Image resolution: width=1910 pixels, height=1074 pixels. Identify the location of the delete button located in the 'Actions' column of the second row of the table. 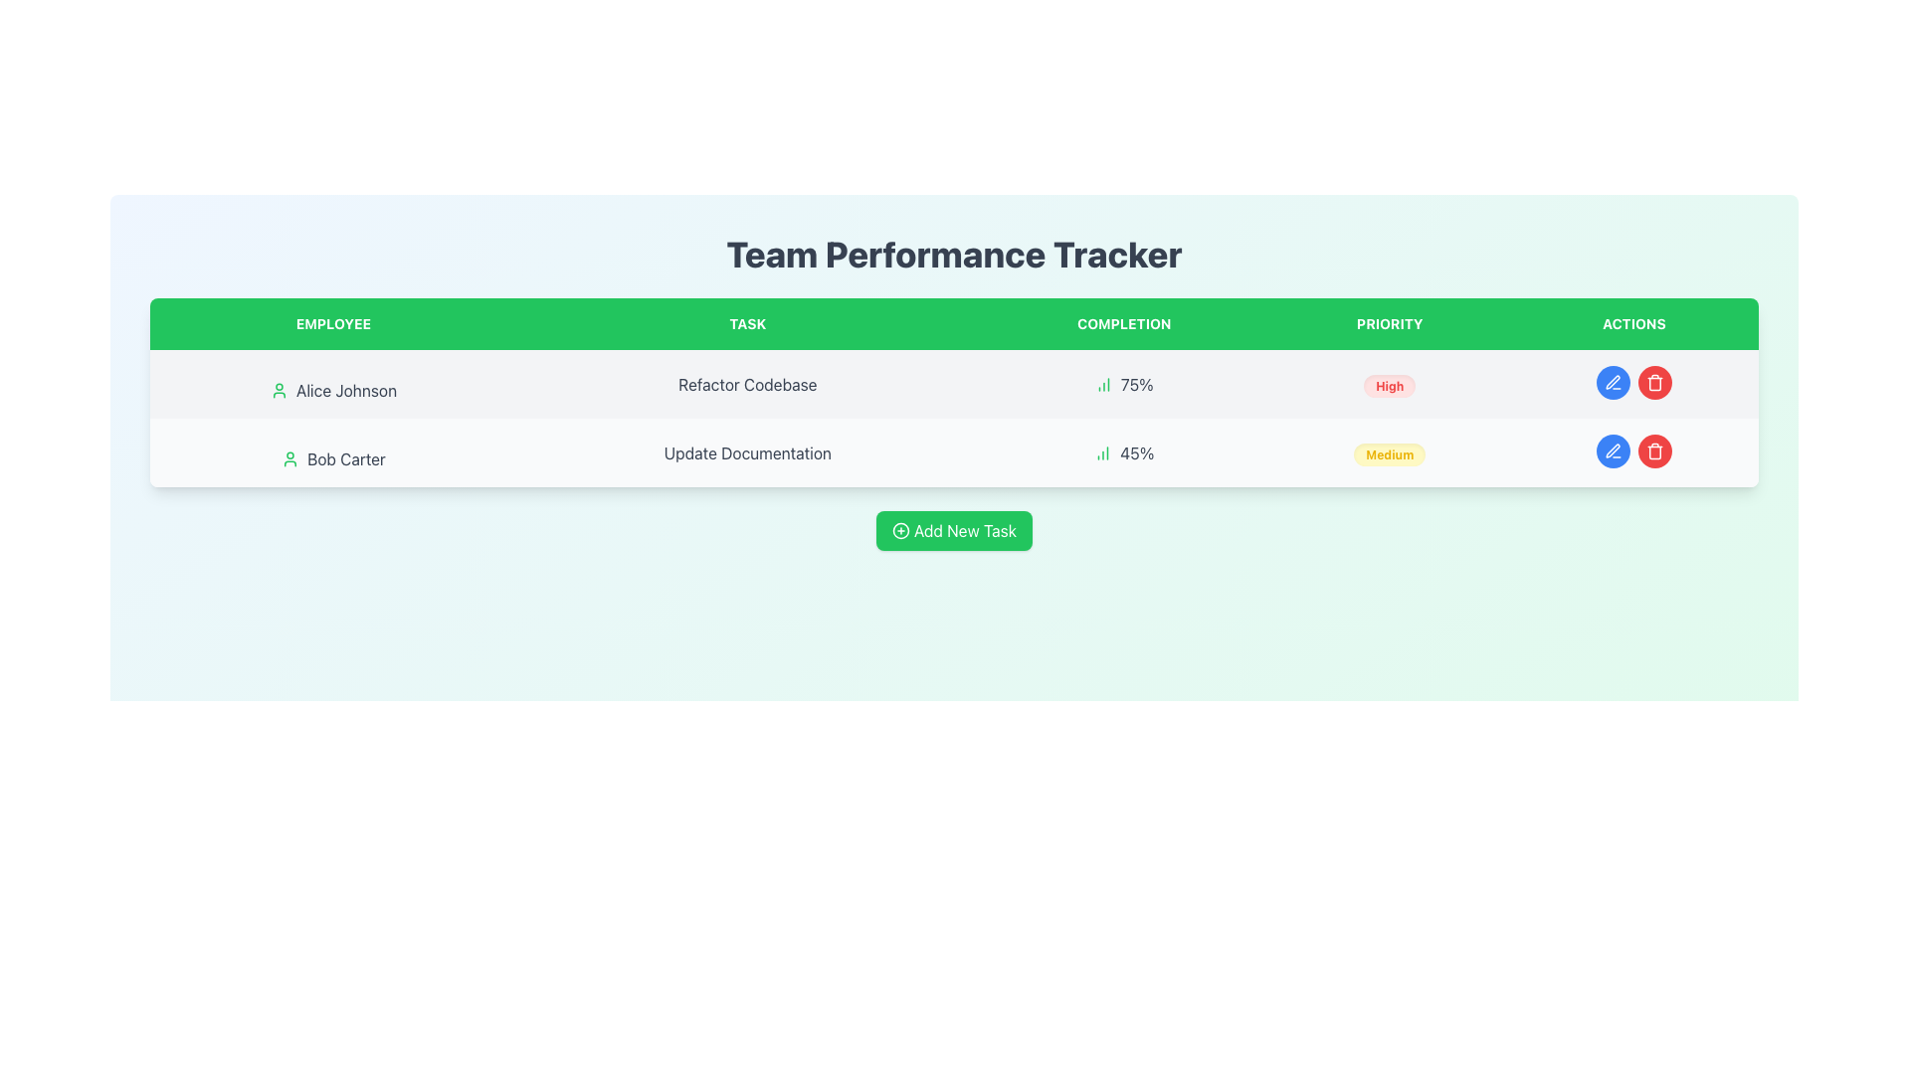
(1654, 451).